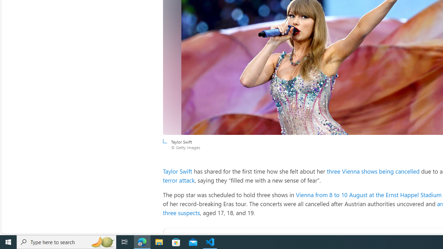 The image size is (443, 249). Describe the element at coordinates (178, 171) in the screenshot. I see `'Taylor Swift '` at that location.